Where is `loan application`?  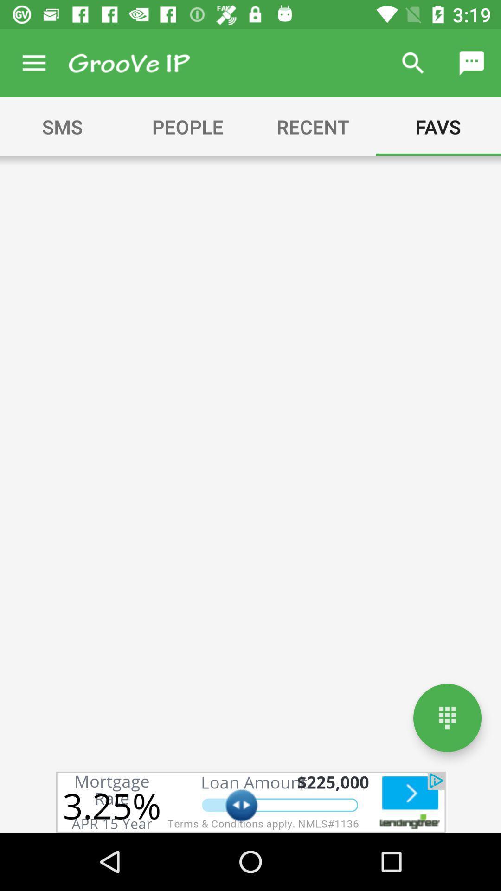
loan application is located at coordinates (250, 801).